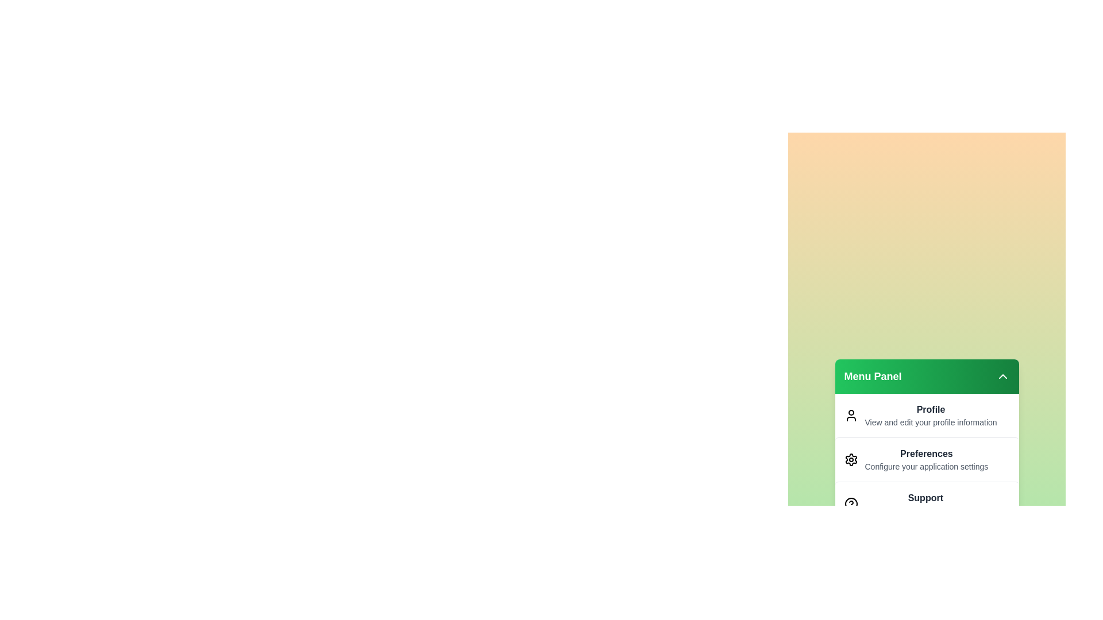 This screenshot has height=620, width=1103. I want to click on the menu item Profile, so click(927, 416).